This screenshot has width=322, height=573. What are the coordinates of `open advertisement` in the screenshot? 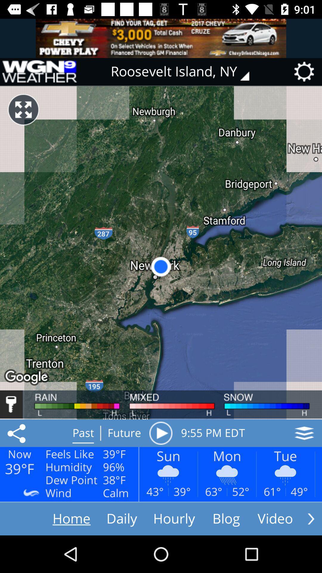 It's located at (161, 38).